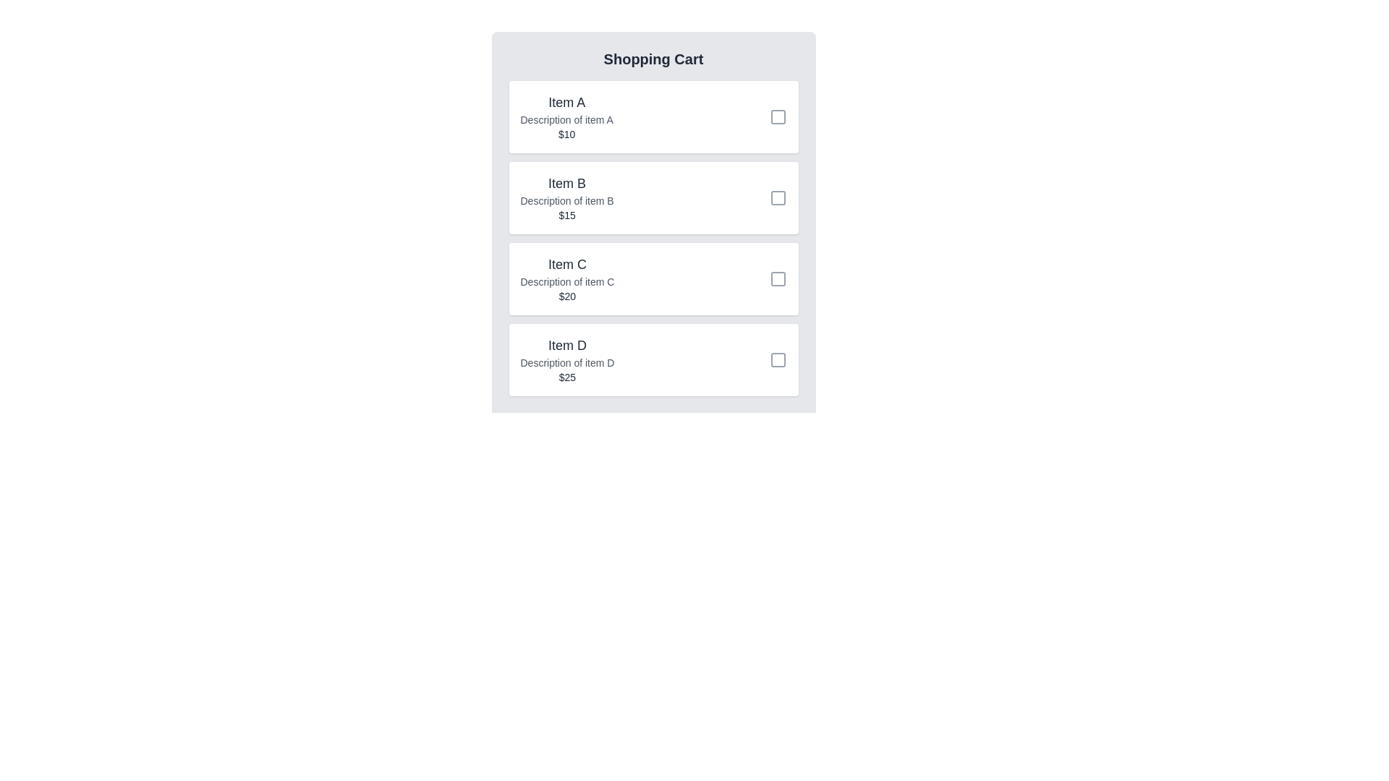 This screenshot has width=1389, height=781. Describe the element at coordinates (777, 278) in the screenshot. I see `the rounded rectangle icon within the button located in the third section labeled 'Item C' of the shopping cart interface` at that location.